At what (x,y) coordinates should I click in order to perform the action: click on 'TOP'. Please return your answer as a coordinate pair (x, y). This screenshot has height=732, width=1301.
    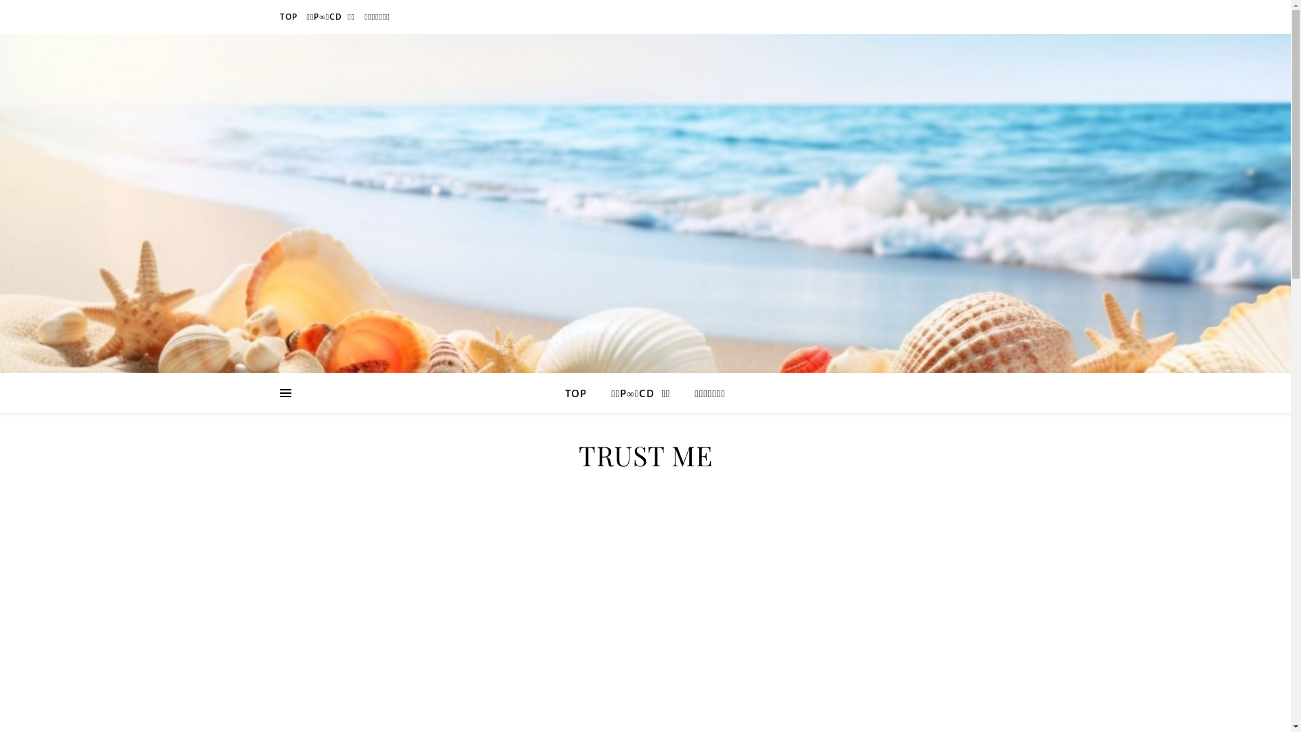
    Looking at the image, I should click on (581, 392).